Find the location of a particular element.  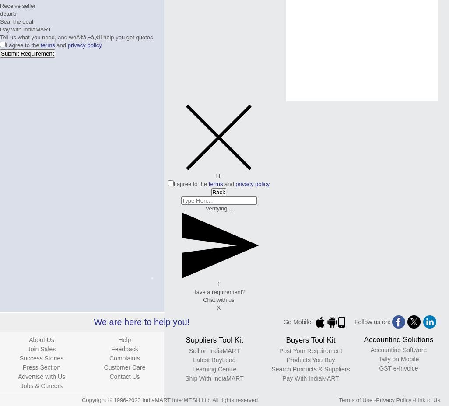

'1' is located at coordinates (216, 284).